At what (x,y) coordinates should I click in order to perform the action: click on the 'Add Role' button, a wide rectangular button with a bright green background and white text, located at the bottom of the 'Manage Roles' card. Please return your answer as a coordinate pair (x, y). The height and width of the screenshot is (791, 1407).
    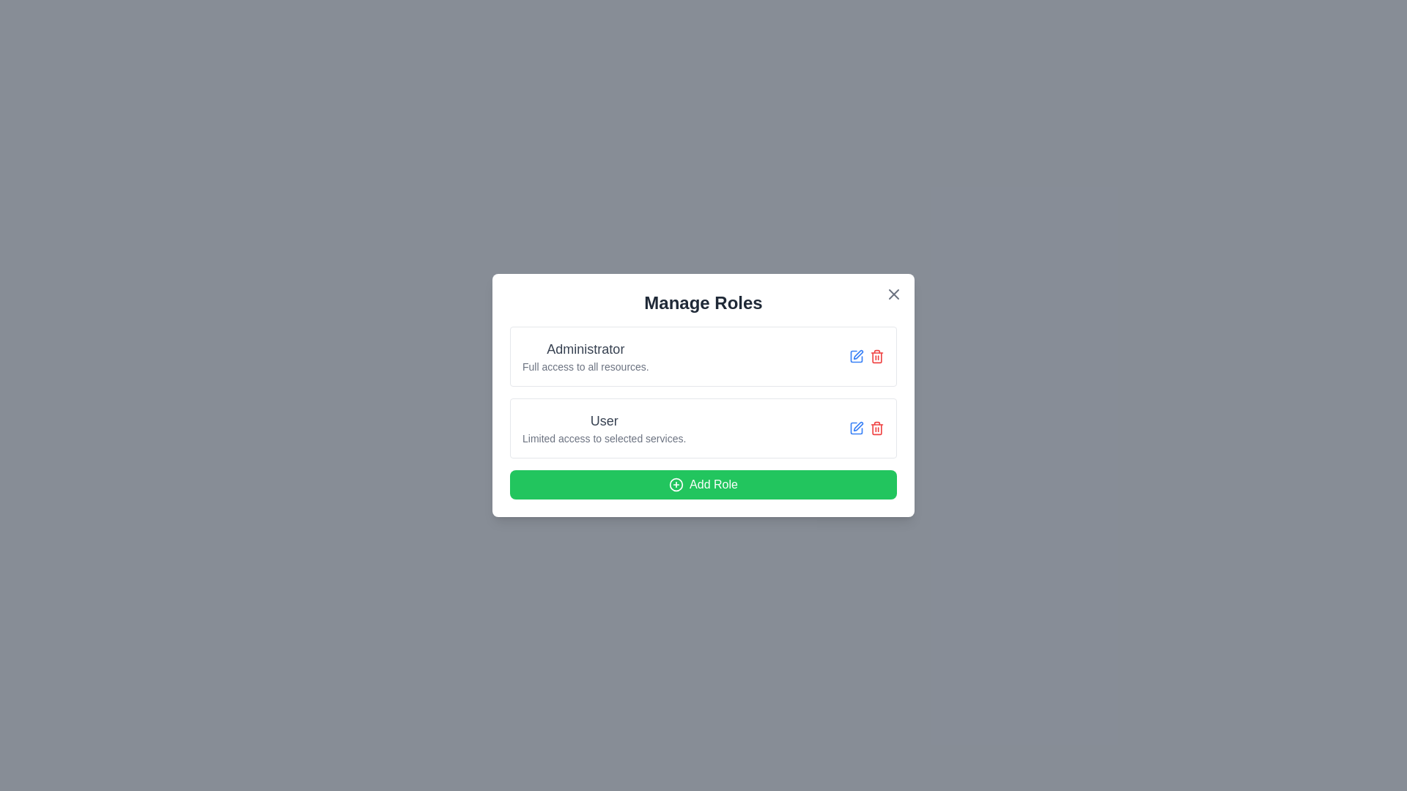
    Looking at the image, I should click on (703, 485).